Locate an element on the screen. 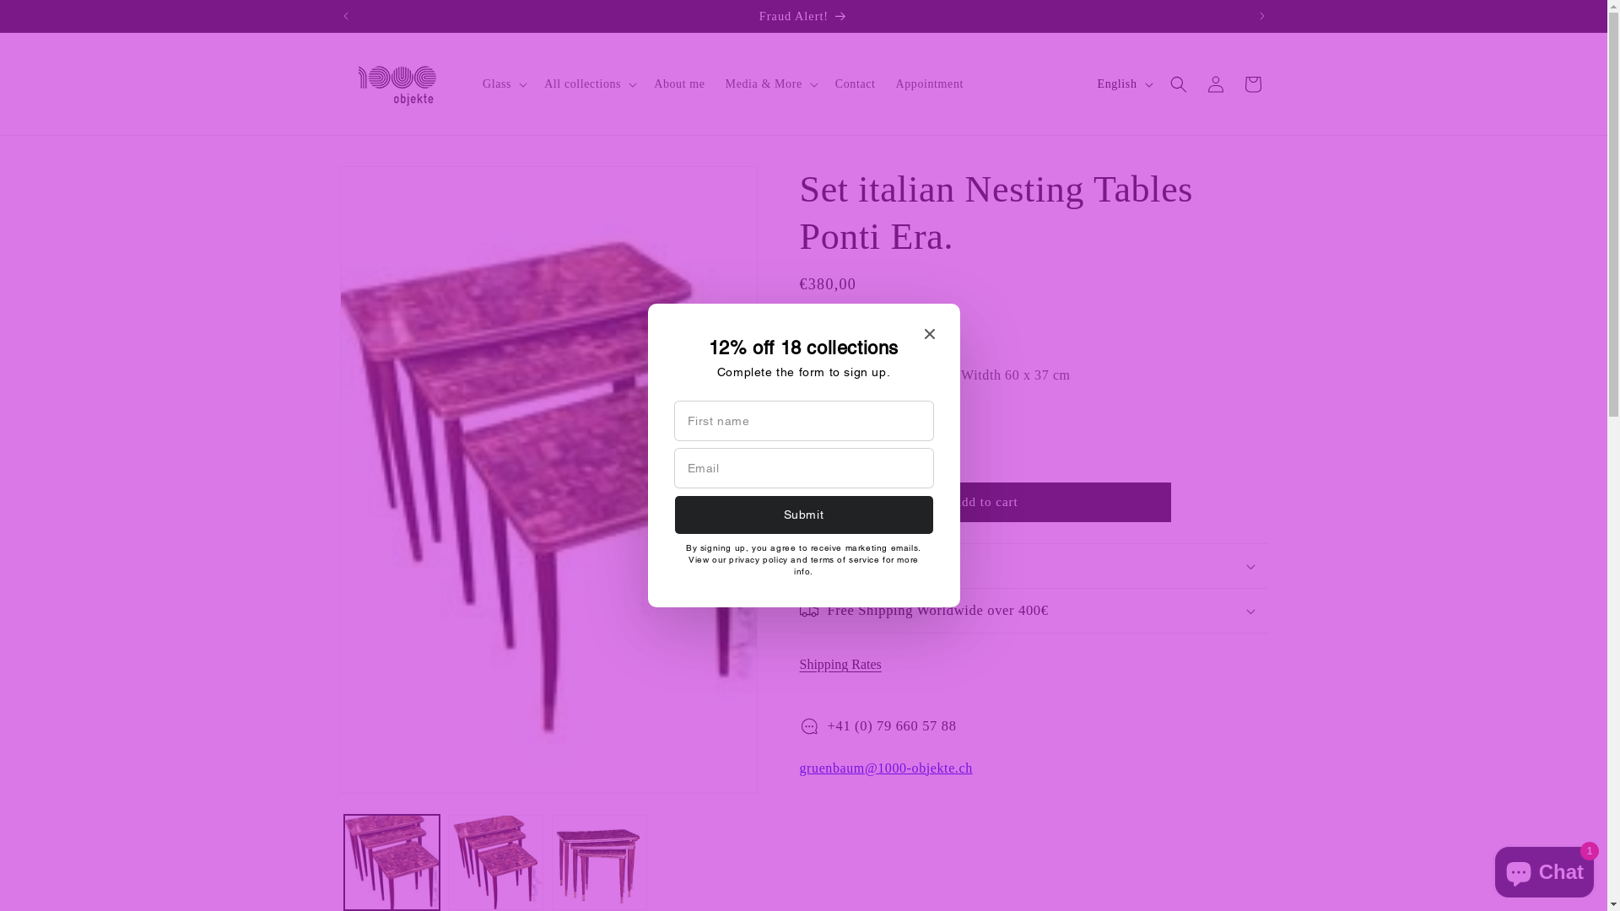 This screenshot has height=911, width=1620. 'Skip to product information' is located at coordinates (389, 185).